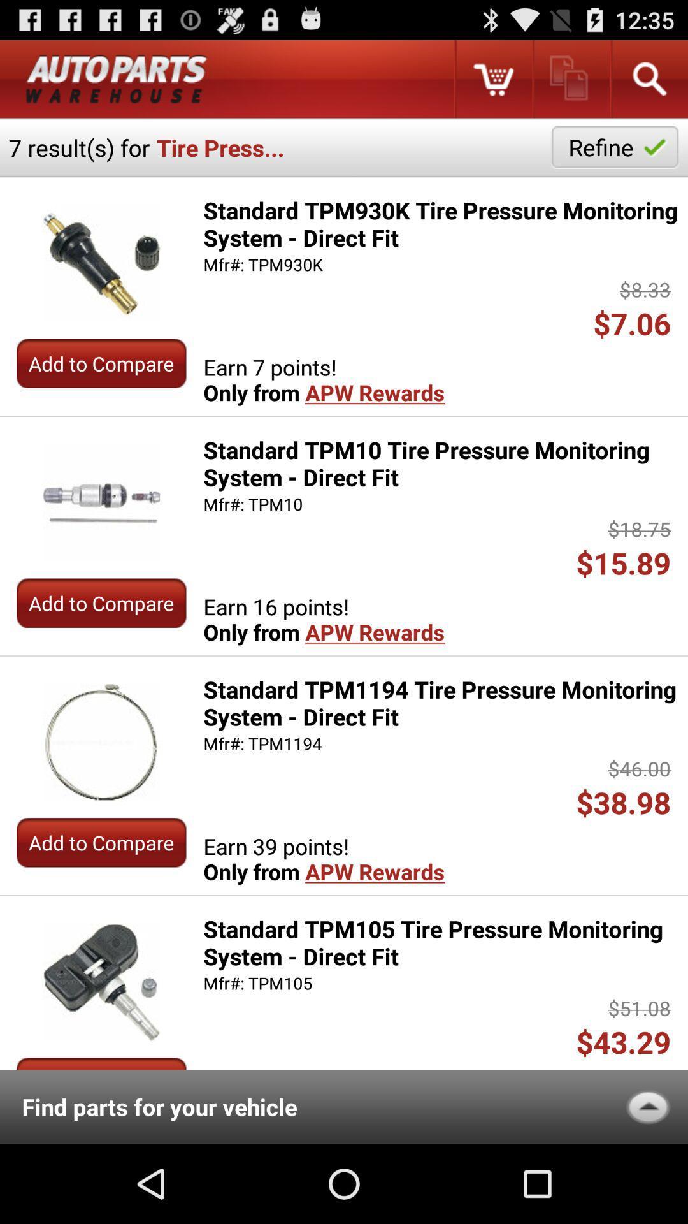  What do you see at coordinates (492, 78) in the screenshot?
I see `open cart` at bounding box center [492, 78].